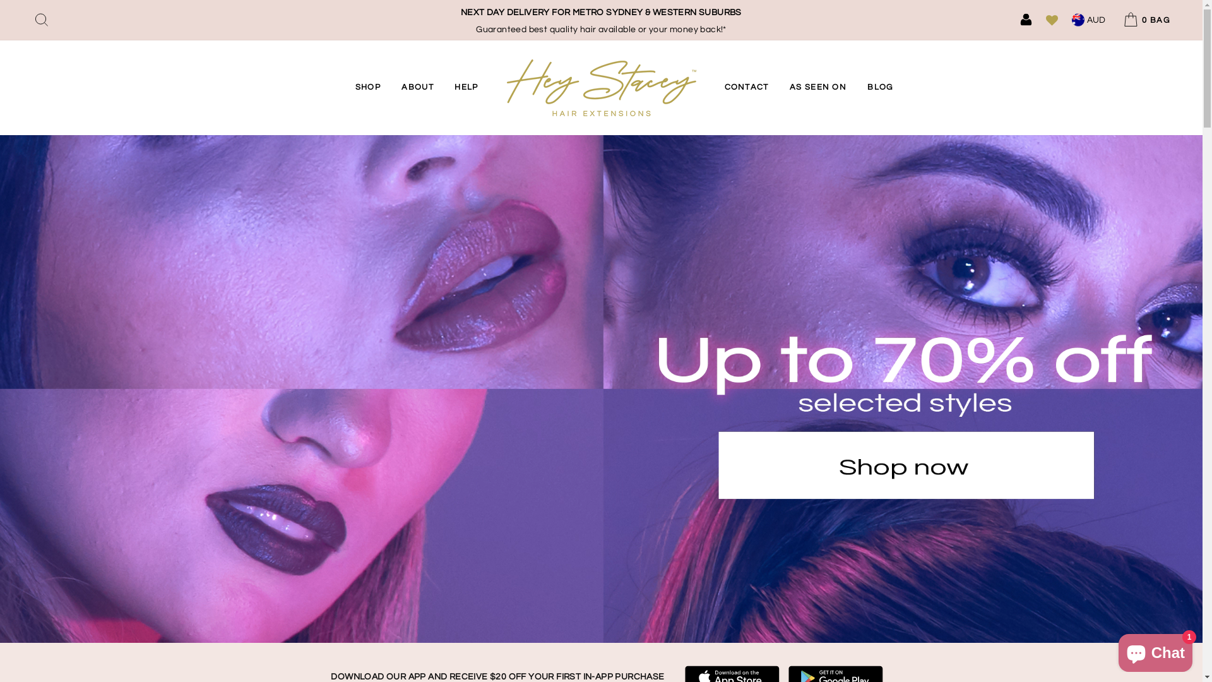 The width and height of the screenshot is (1212, 682). Describe the element at coordinates (715, 87) in the screenshot. I see `'CONTACT'` at that location.